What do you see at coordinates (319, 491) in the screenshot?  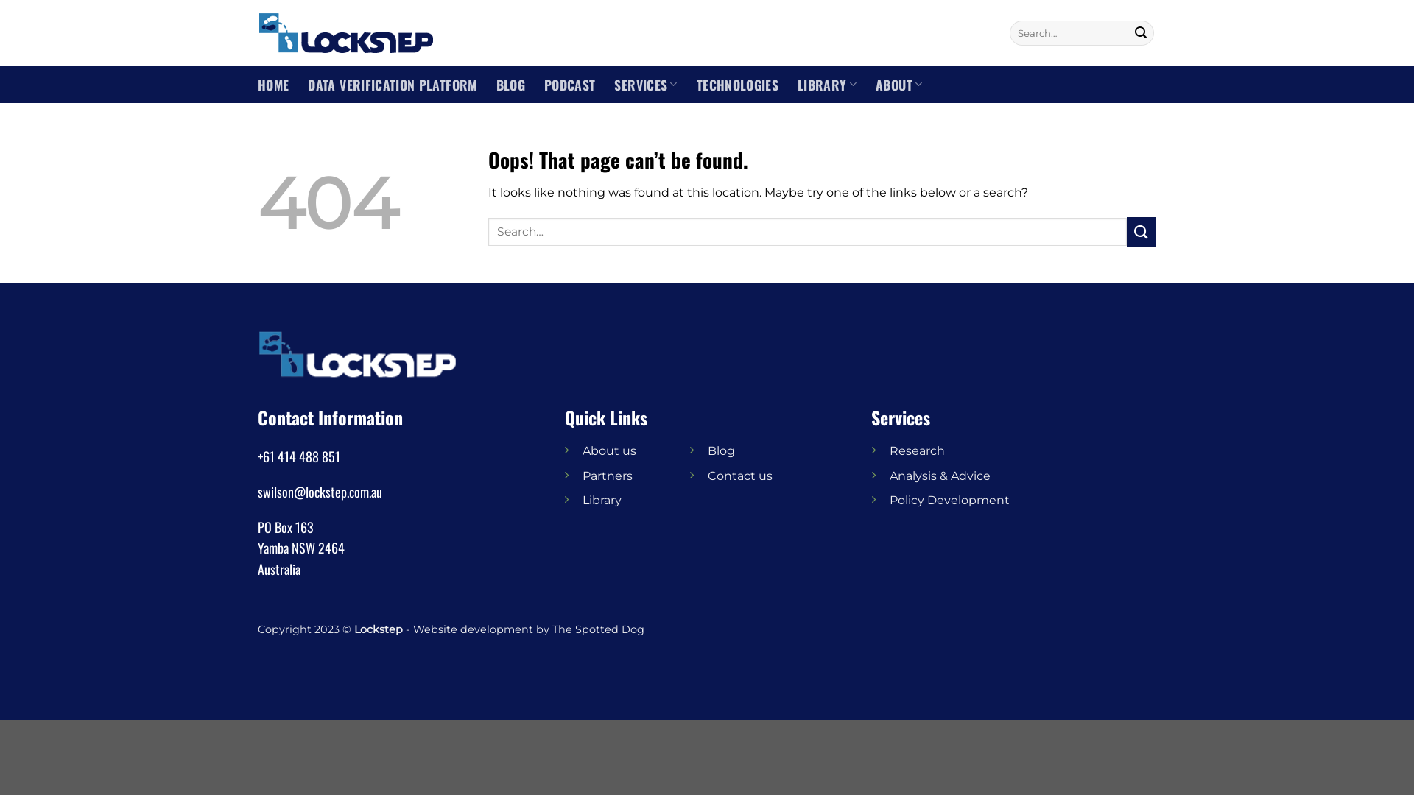 I see `'swilson@lockstep.com.au'` at bounding box center [319, 491].